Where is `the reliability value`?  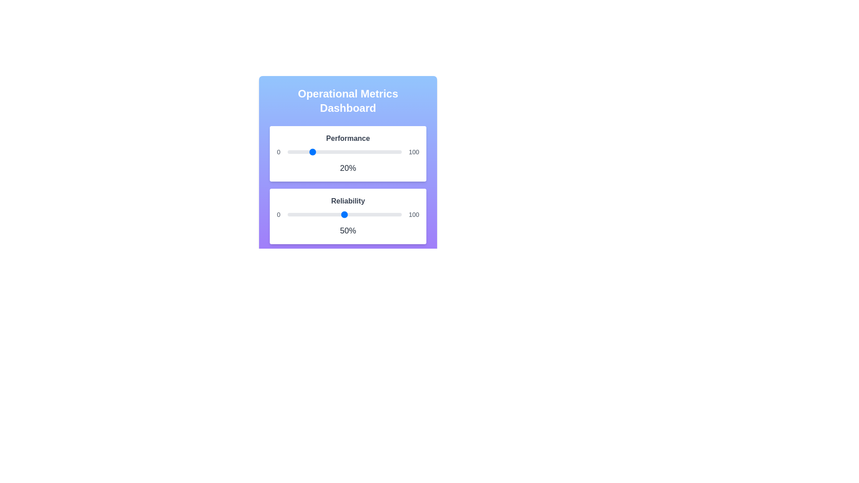
the reliability value is located at coordinates (385, 214).